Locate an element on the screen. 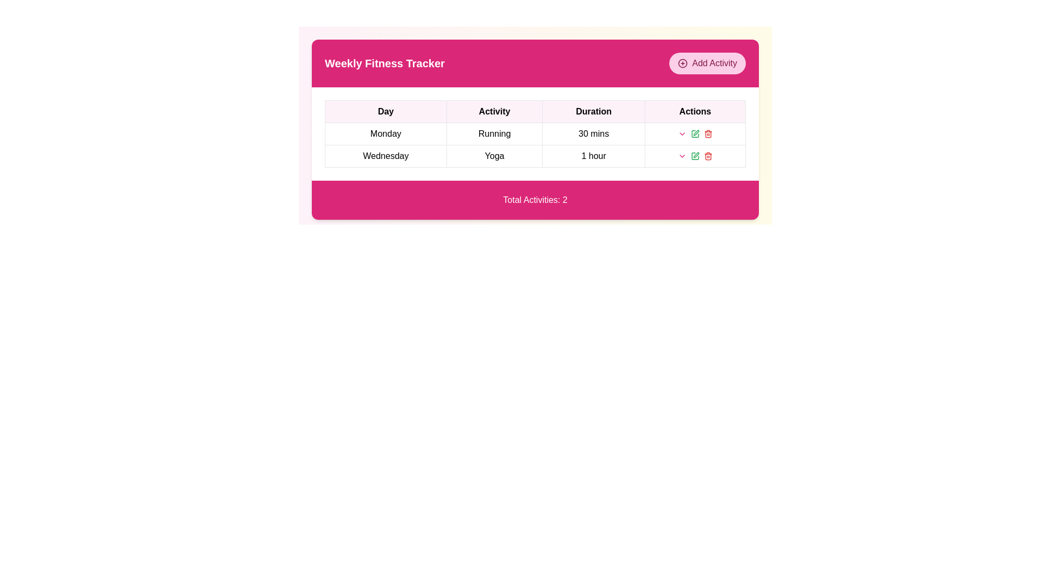  displayed text from the Label/Text Display located under the 'Activity' column in the first row of the weekly schedule table, positioned between 'Monday' and '30 mins' is located at coordinates (494, 133).